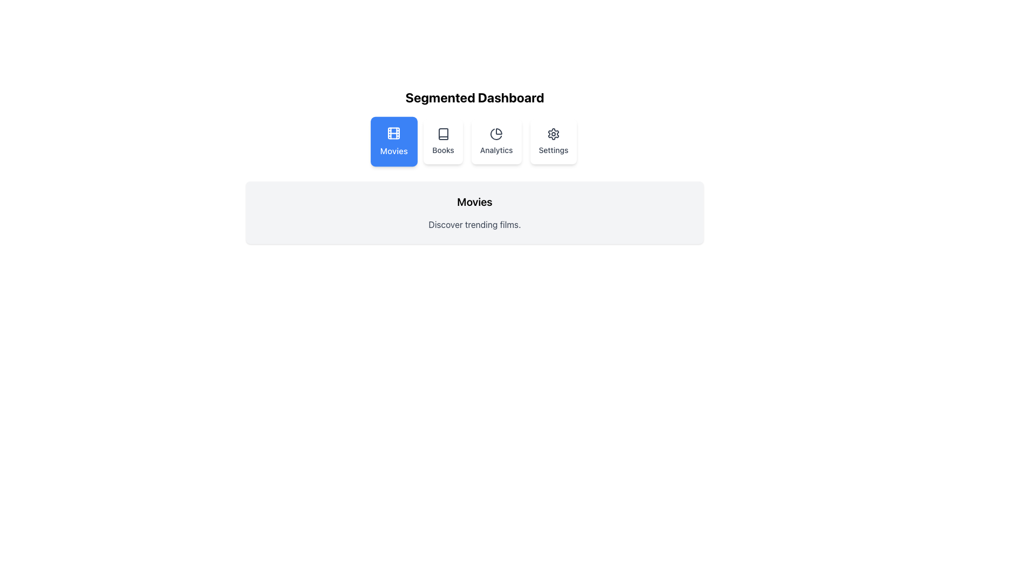 The height and width of the screenshot is (582, 1036). What do you see at coordinates (554, 141) in the screenshot?
I see `the 'Settings' button, which is the fourth card in a group of four cards` at bounding box center [554, 141].